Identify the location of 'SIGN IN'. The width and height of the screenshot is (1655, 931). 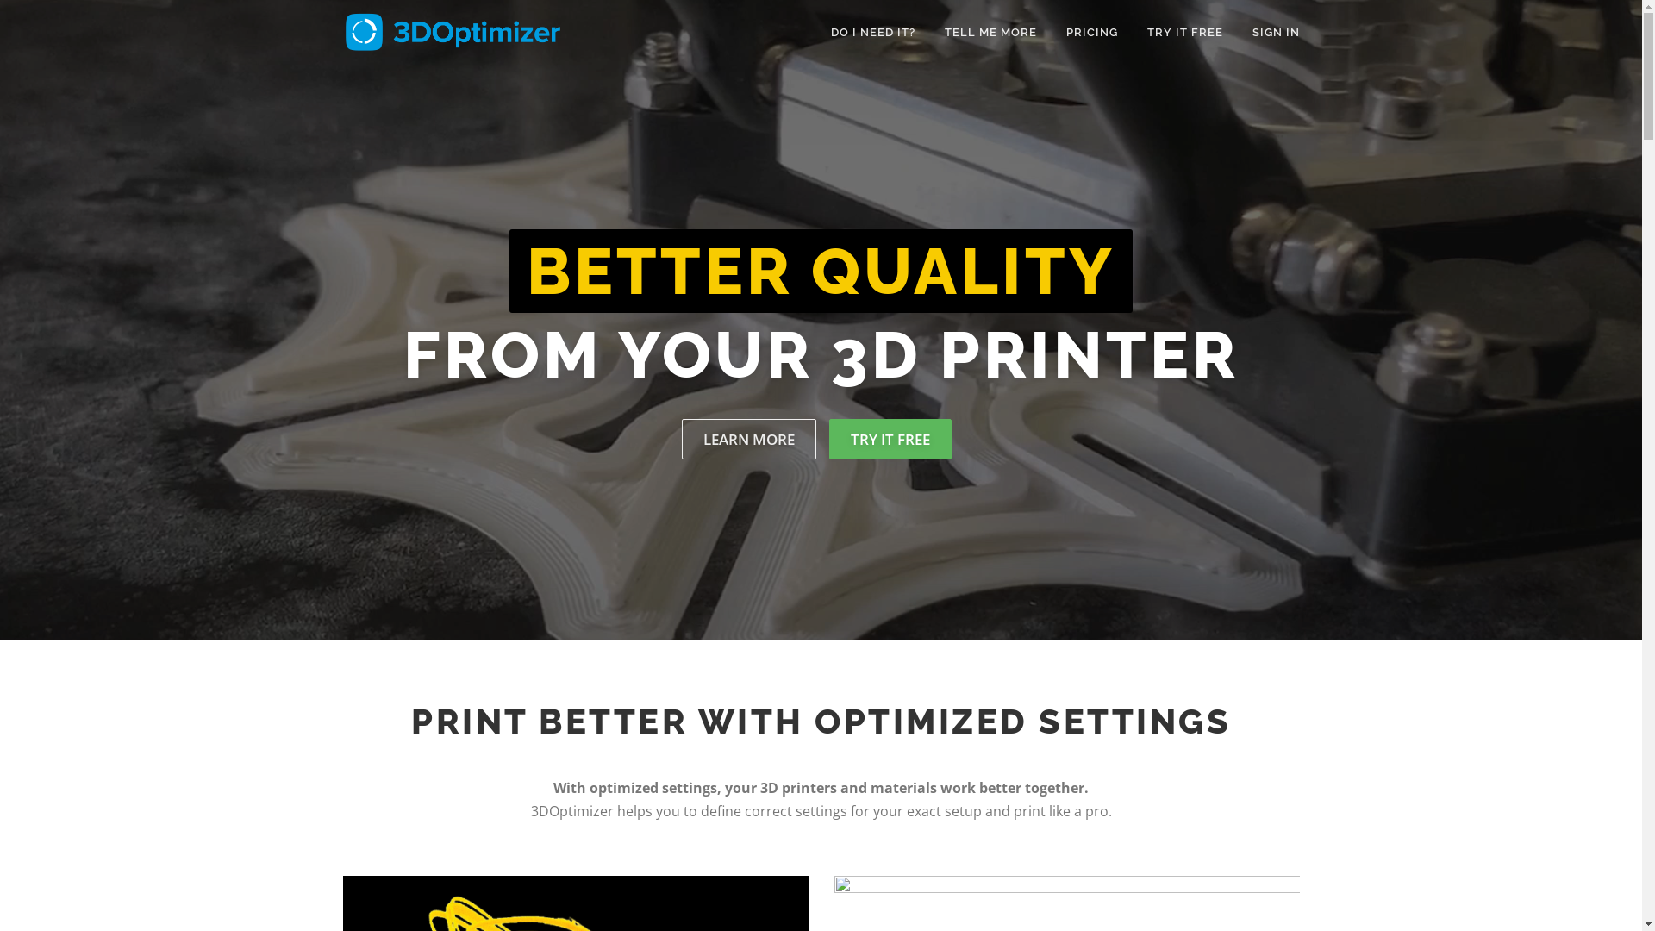
(1236, 32).